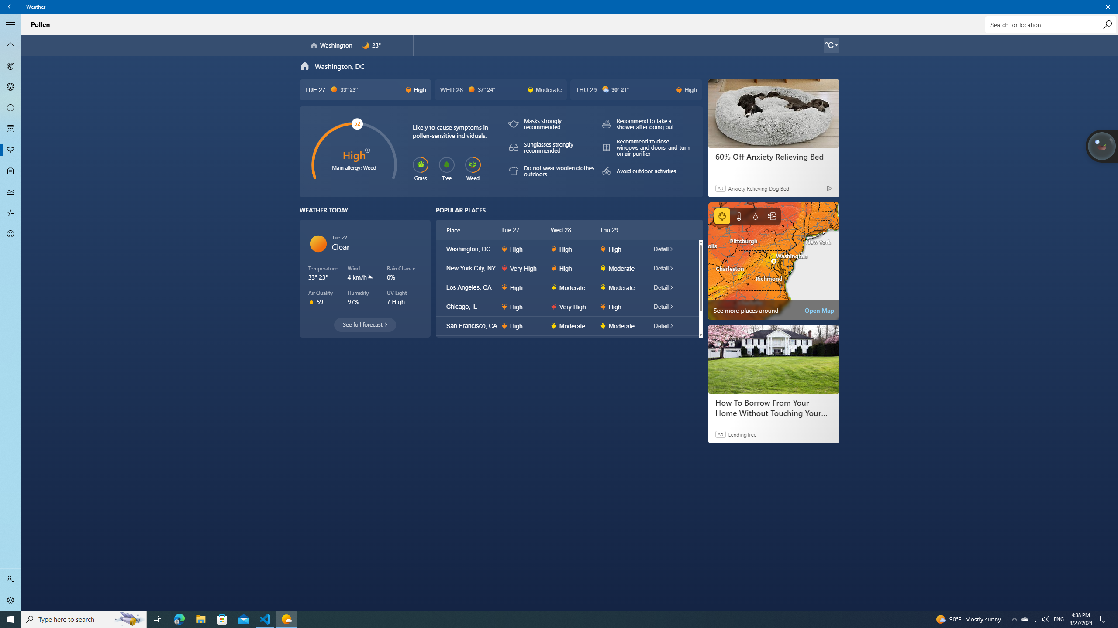 The image size is (1118, 628). What do you see at coordinates (10, 191) in the screenshot?
I see `'Historical Weather - Not Selected'` at bounding box center [10, 191].